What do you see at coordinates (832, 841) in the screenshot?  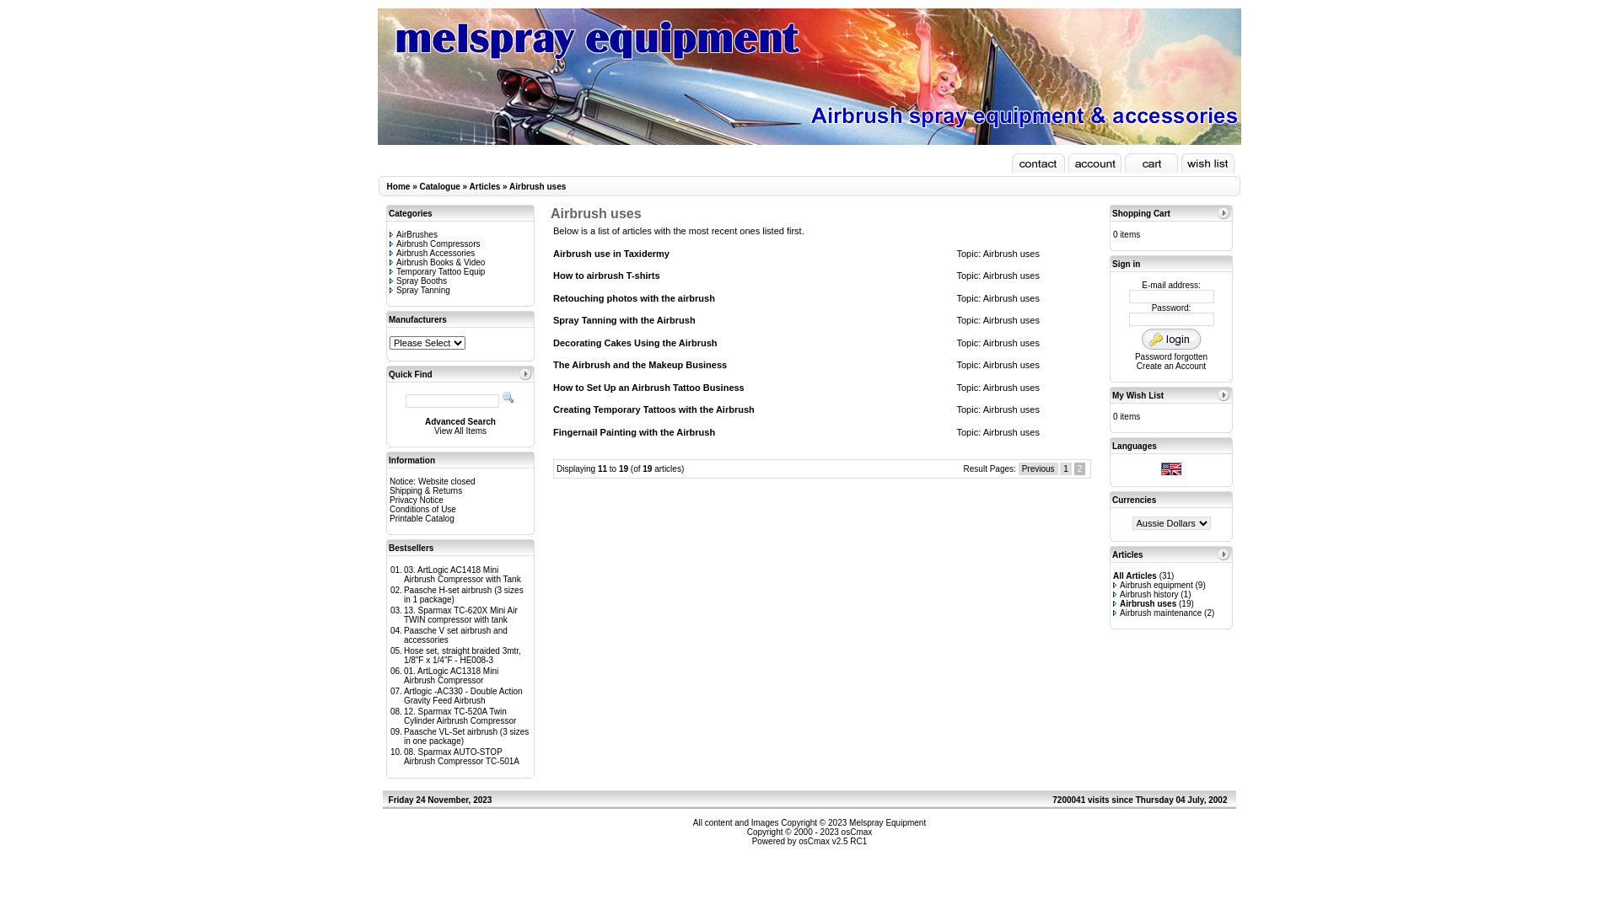 I see `'osCmax v2.5 RC1'` at bounding box center [832, 841].